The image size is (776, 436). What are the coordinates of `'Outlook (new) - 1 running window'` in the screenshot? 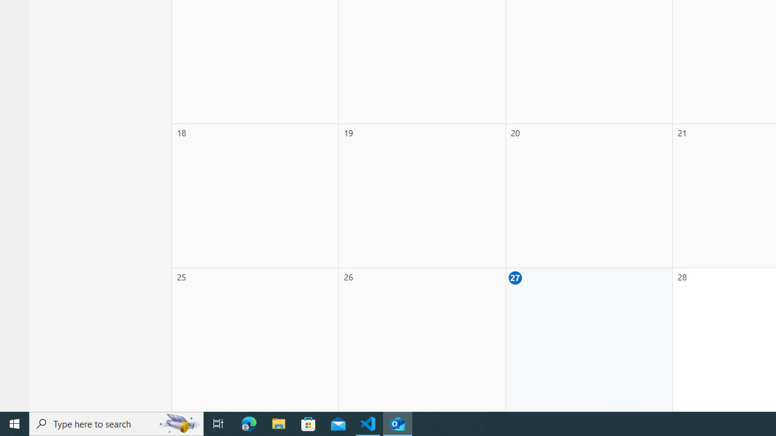 It's located at (398, 423).